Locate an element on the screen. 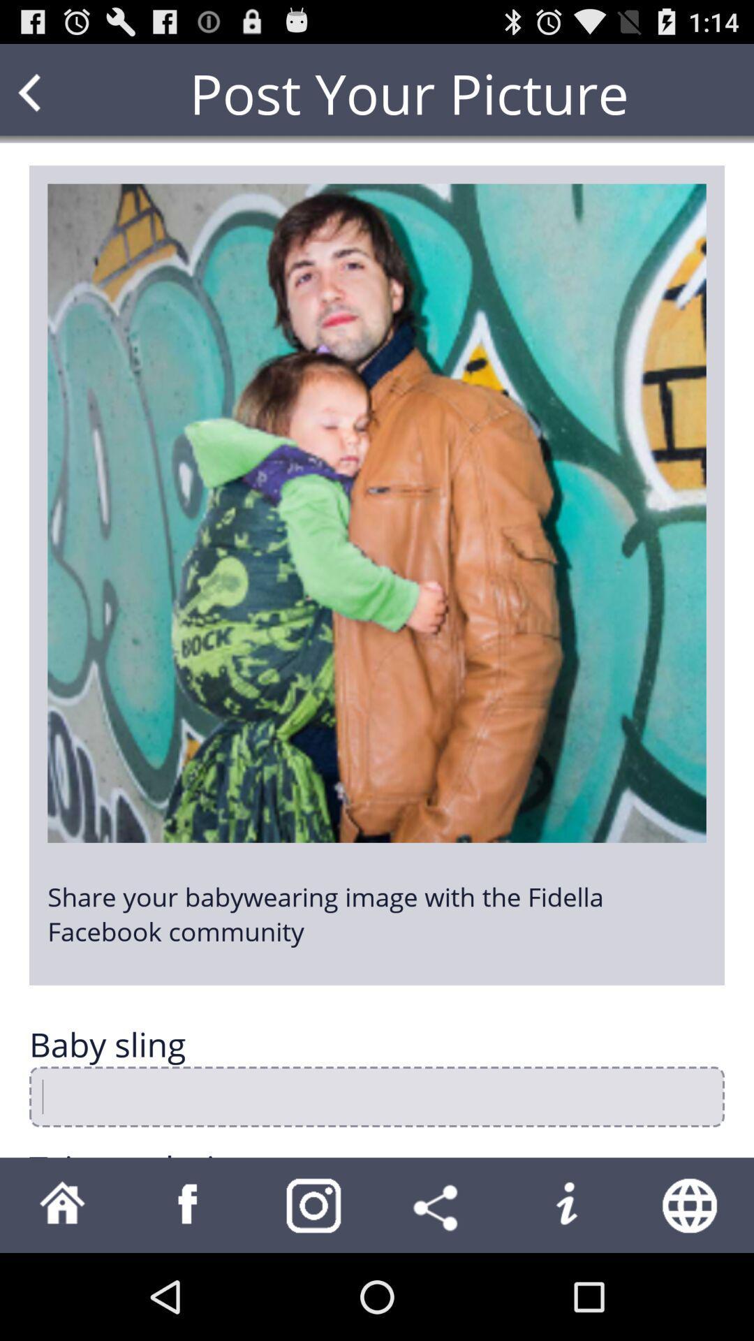  the home icon is located at coordinates (61, 1289).